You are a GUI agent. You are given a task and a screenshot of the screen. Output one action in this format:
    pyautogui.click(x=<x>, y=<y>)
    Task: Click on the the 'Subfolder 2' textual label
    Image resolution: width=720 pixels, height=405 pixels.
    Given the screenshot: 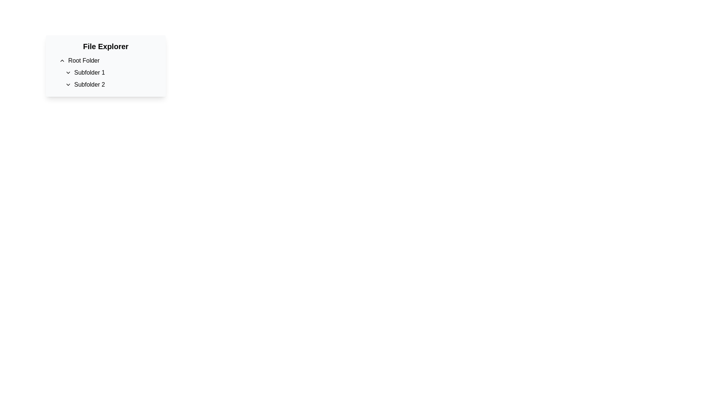 What is the action you would take?
    pyautogui.click(x=89, y=84)
    